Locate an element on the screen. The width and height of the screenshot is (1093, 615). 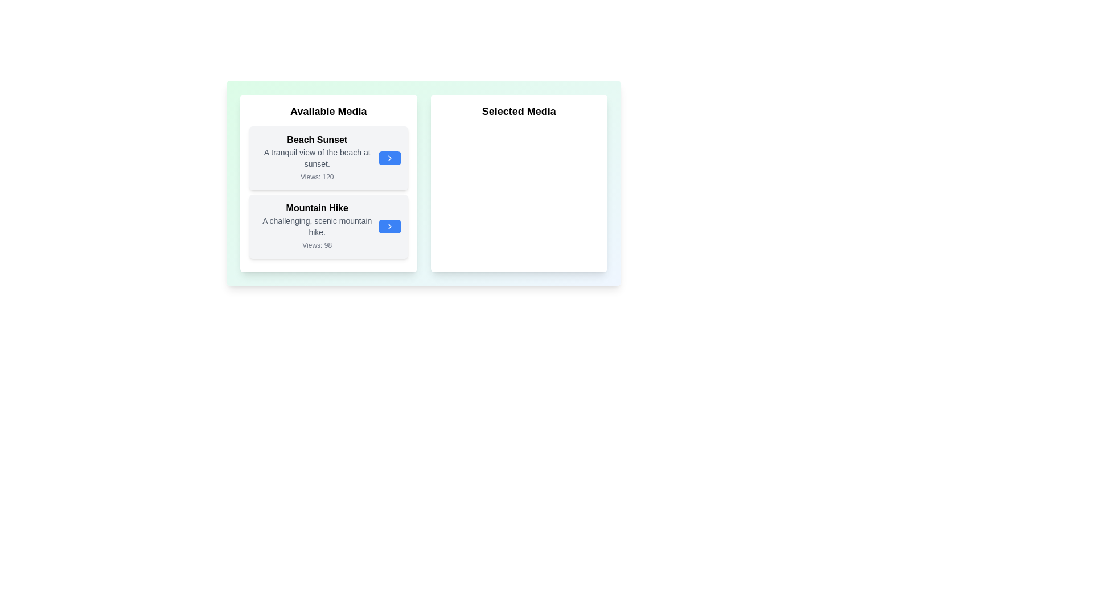
transfer button for the media item 'Mountain Hike' in the 'Available Media' list is located at coordinates (389, 226).